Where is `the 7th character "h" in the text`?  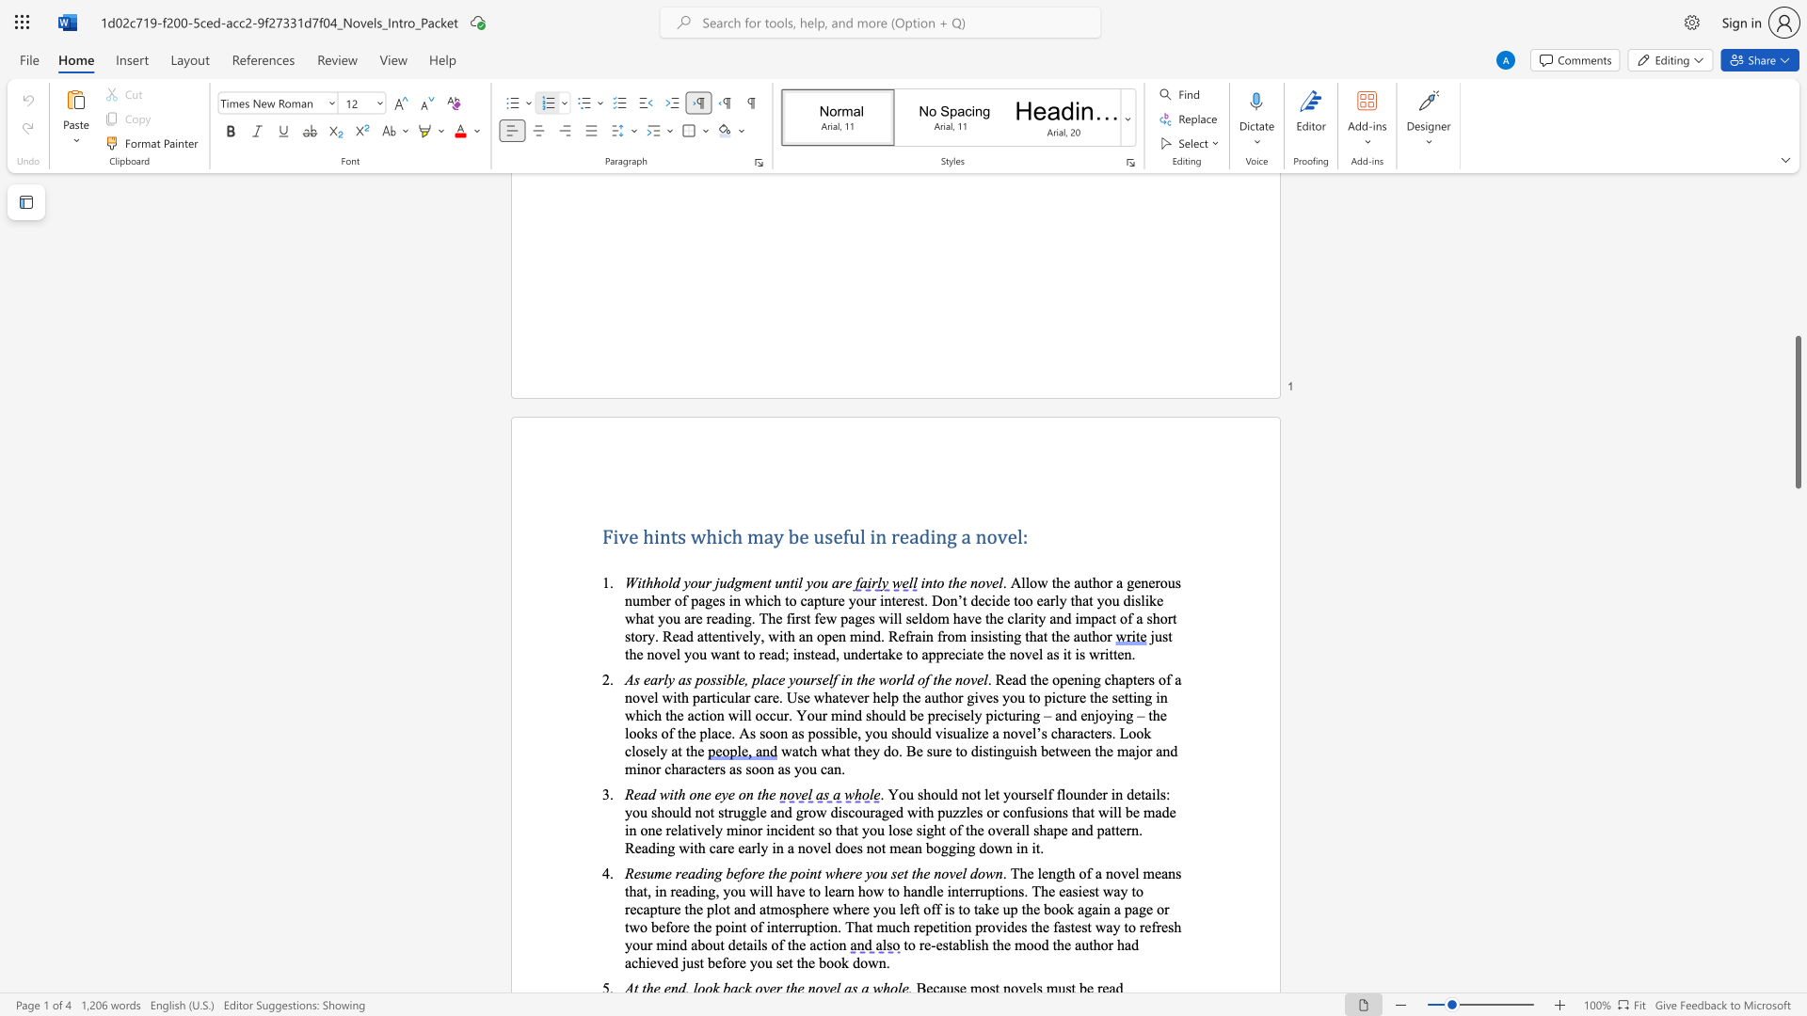 the 7th character "h" in the text is located at coordinates (804, 962).